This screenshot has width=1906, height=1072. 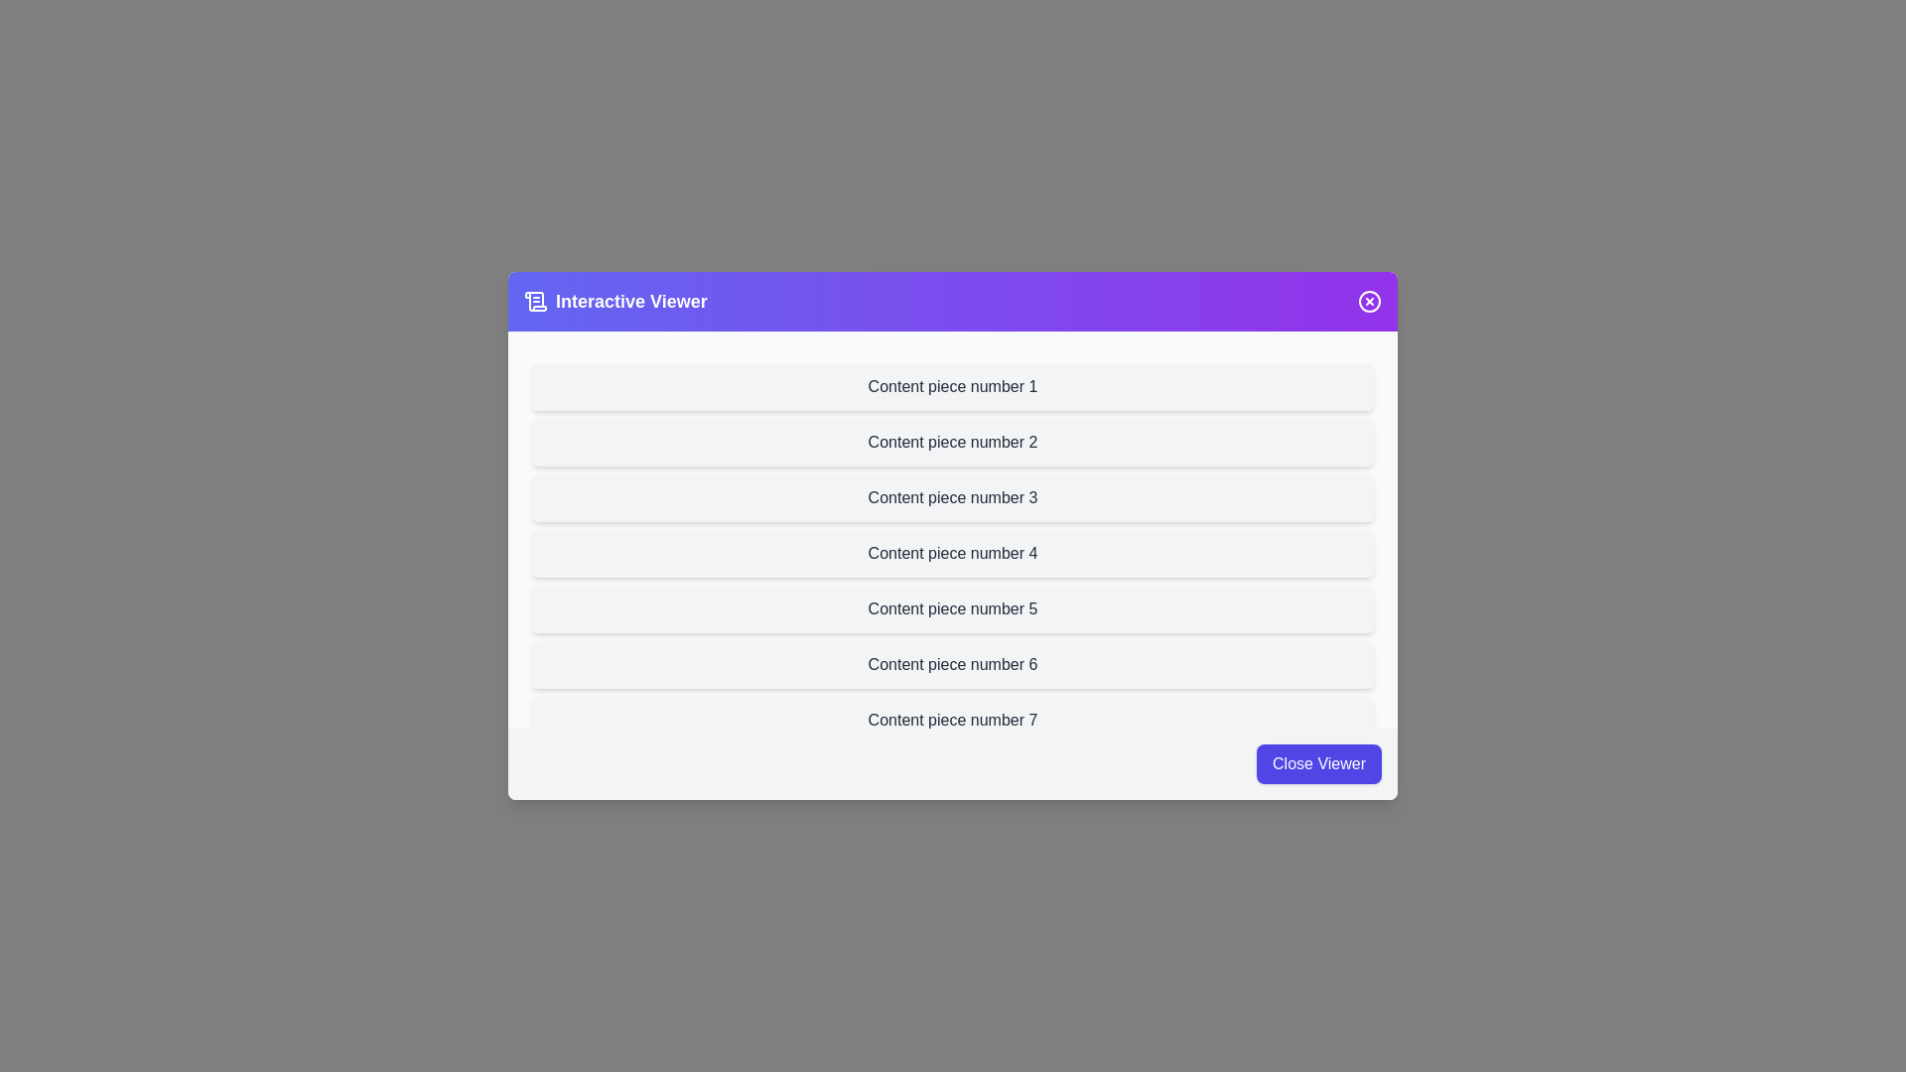 What do you see at coordinates (953, 720) in the screenshot?
I see `the content item labeled 'Content piece number 7' to observe its hover effect` at bounding box center [953, 720].